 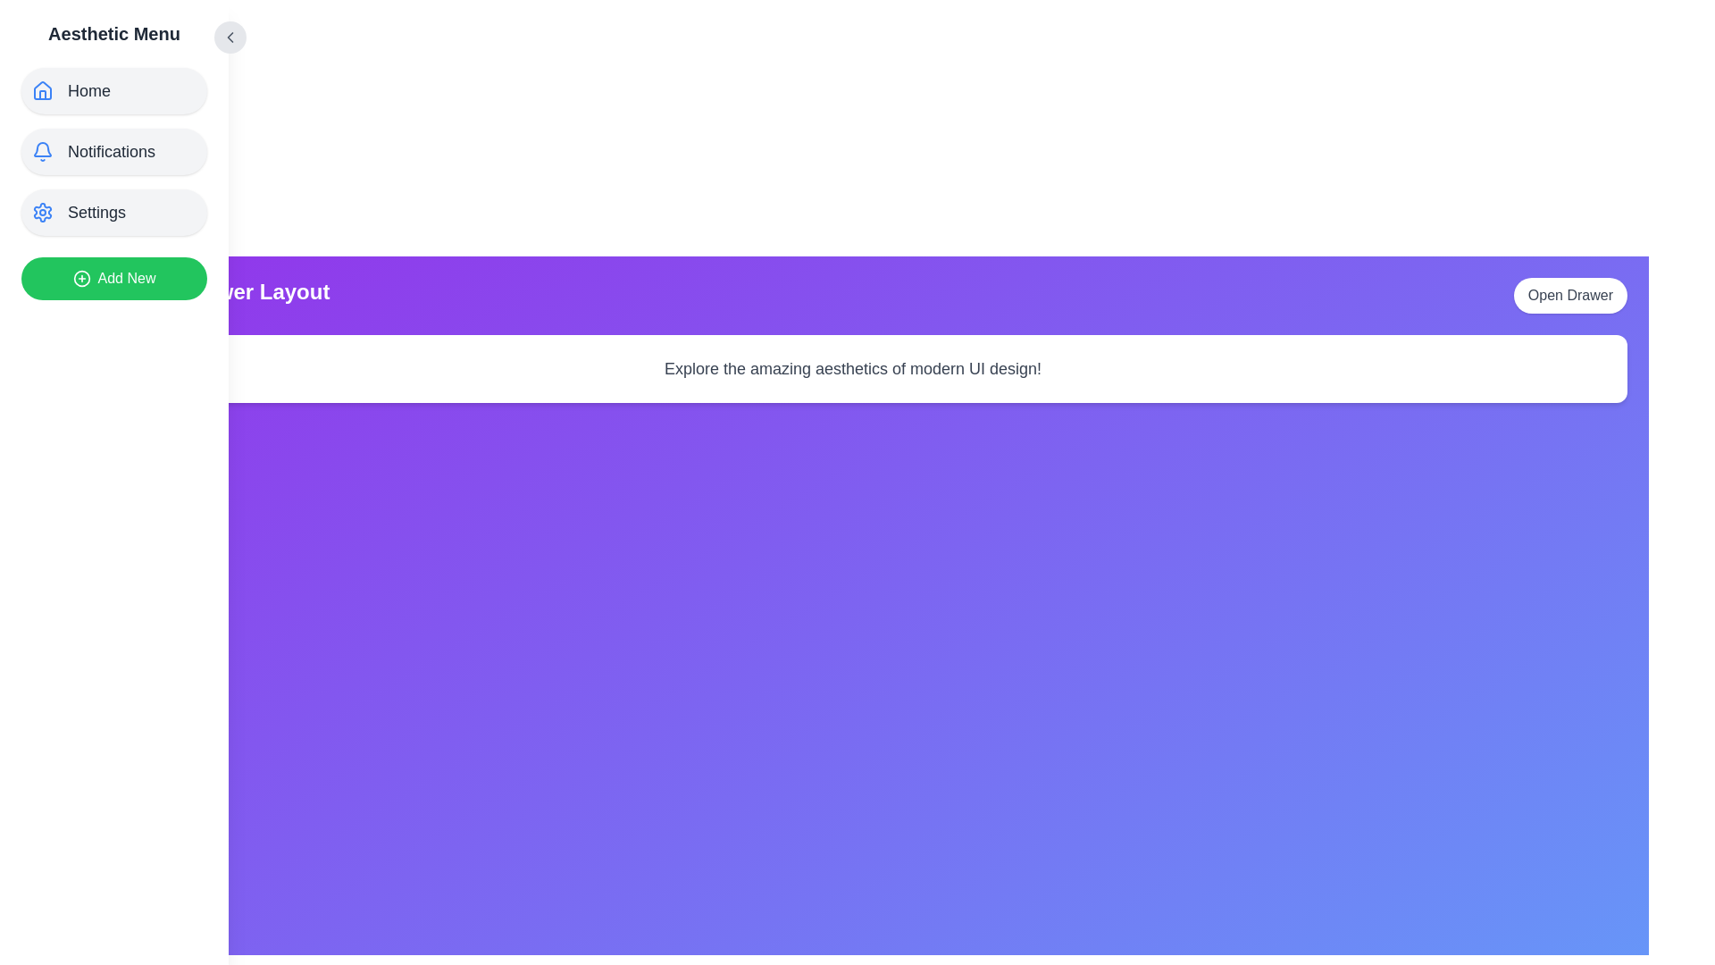 I want to click on the Home navigation button located at the top of the menu list, so click(x=113, y=90).